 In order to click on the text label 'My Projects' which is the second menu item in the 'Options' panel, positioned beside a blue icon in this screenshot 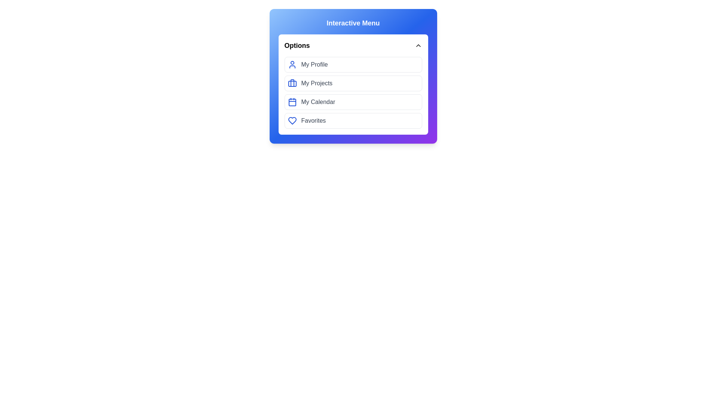, I will do `click(317, 83)`.